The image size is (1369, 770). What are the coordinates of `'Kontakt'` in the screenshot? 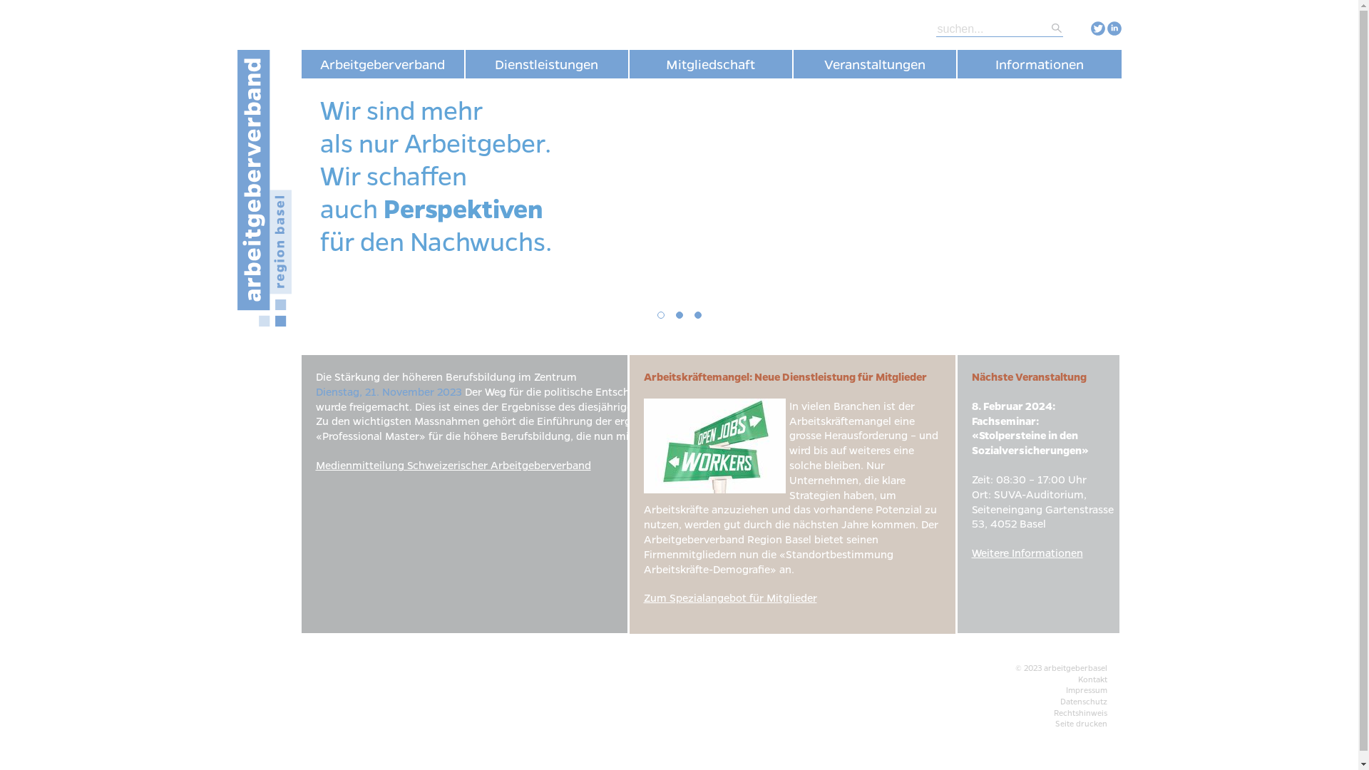 It's located at (1092, 678).